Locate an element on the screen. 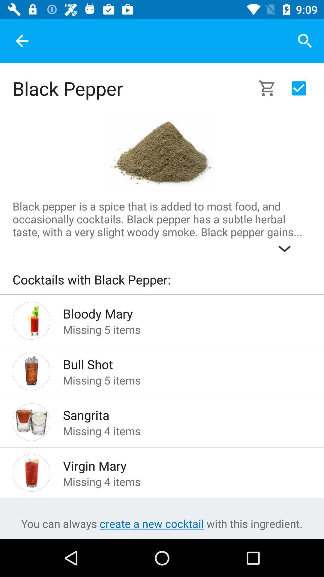  cart is located at coordinates (270, 88).